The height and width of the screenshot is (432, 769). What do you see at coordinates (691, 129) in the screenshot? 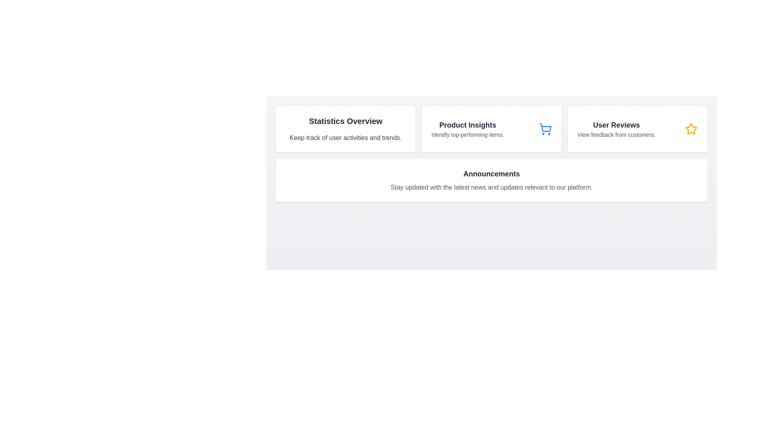
I see `the yellow star icon with a hollow center located in the top-right corner of the 'User Reviews' section, adjacent to the text 'View feedback from customers'` at bounding box center [691, 129].